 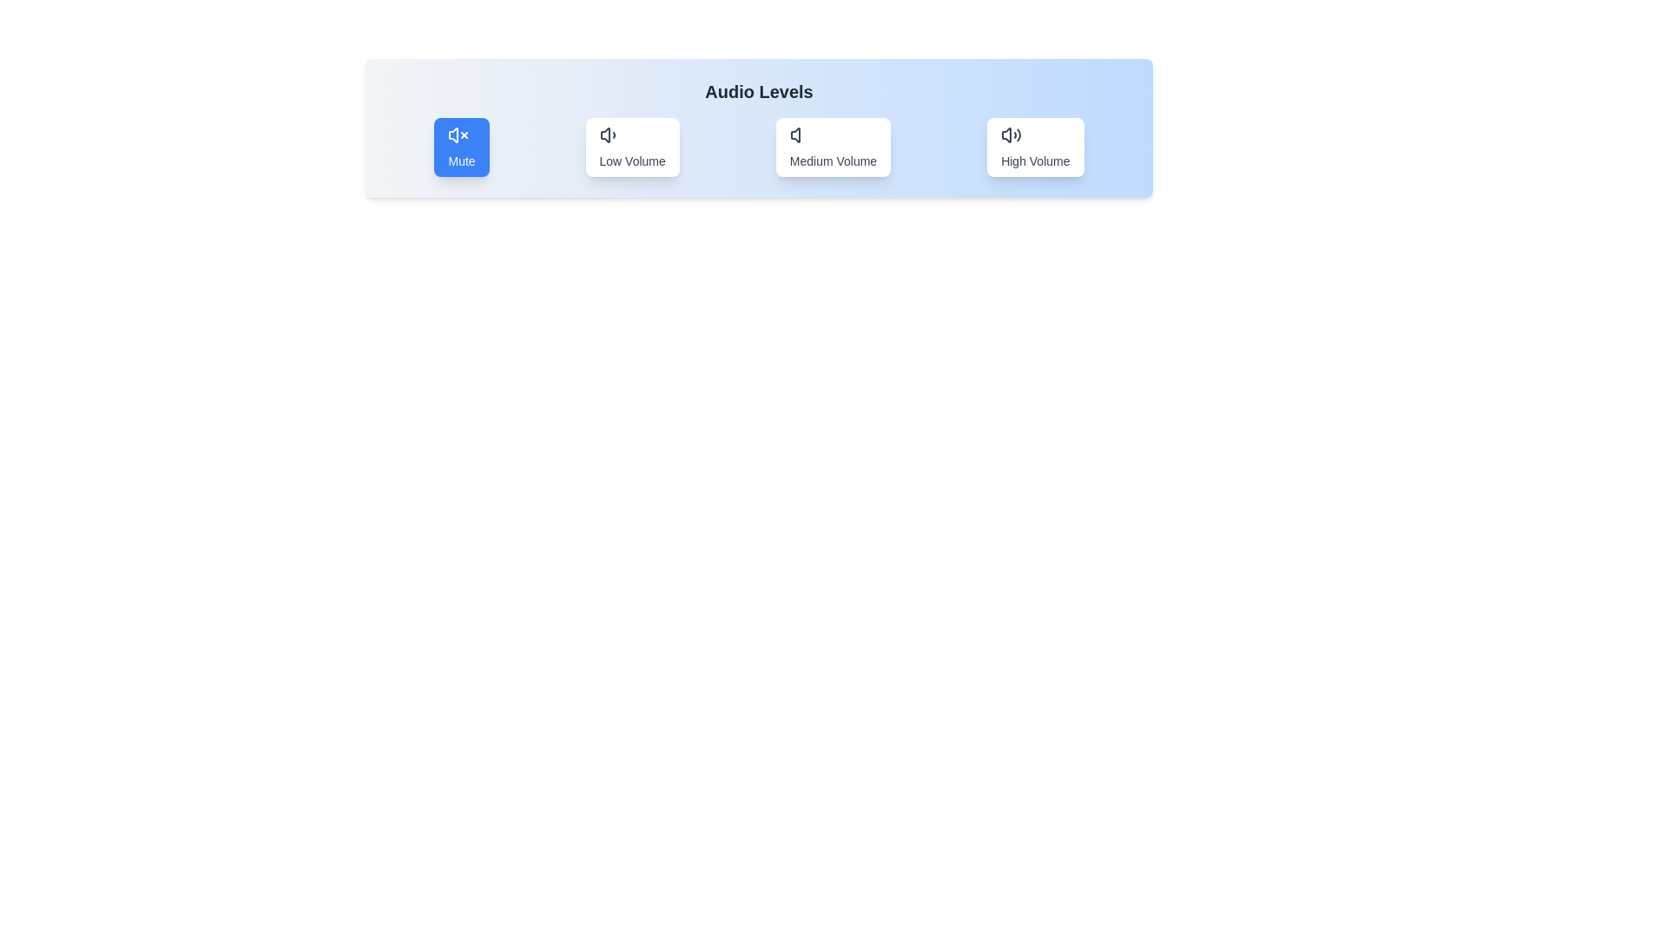 I want to click on the audio mode by clicking on the button corresponding to Mute, so click(x=462, y=146).